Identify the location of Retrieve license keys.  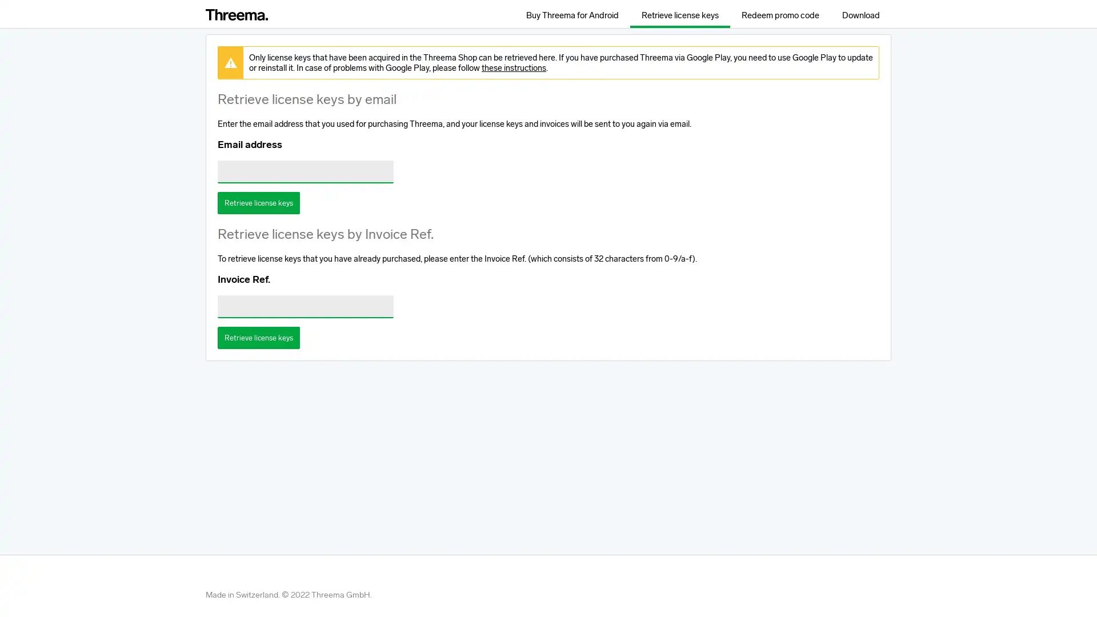
(258, 202).